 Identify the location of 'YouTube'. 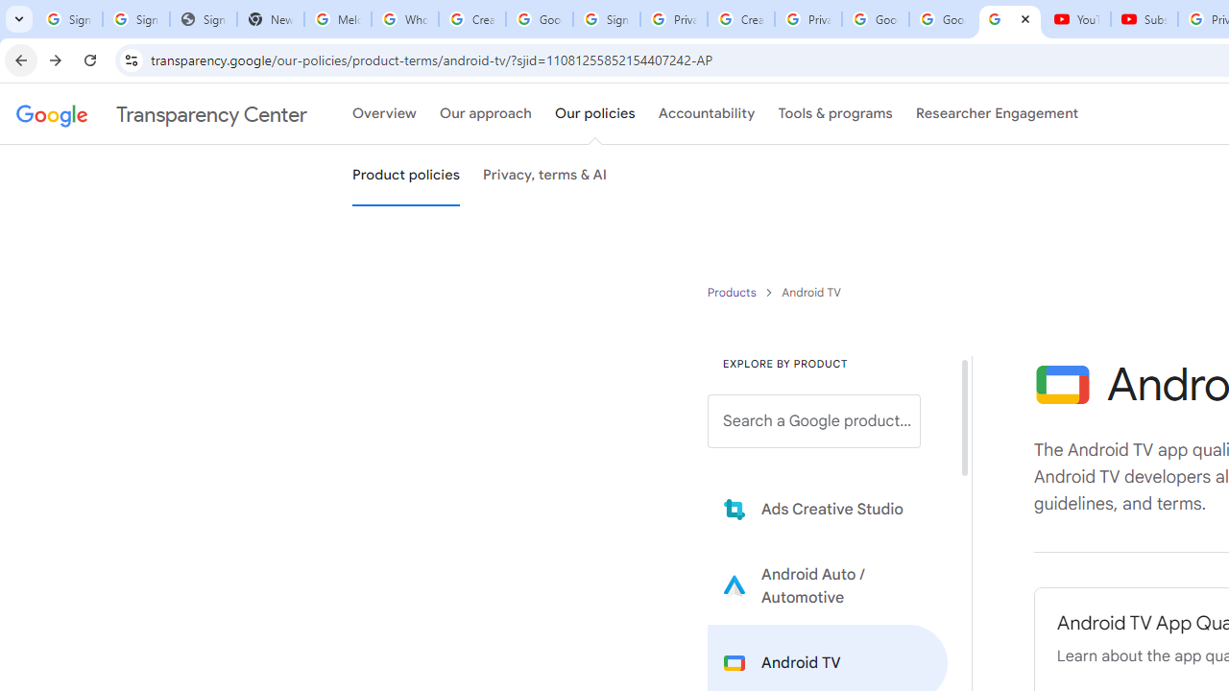
(1076, 19).